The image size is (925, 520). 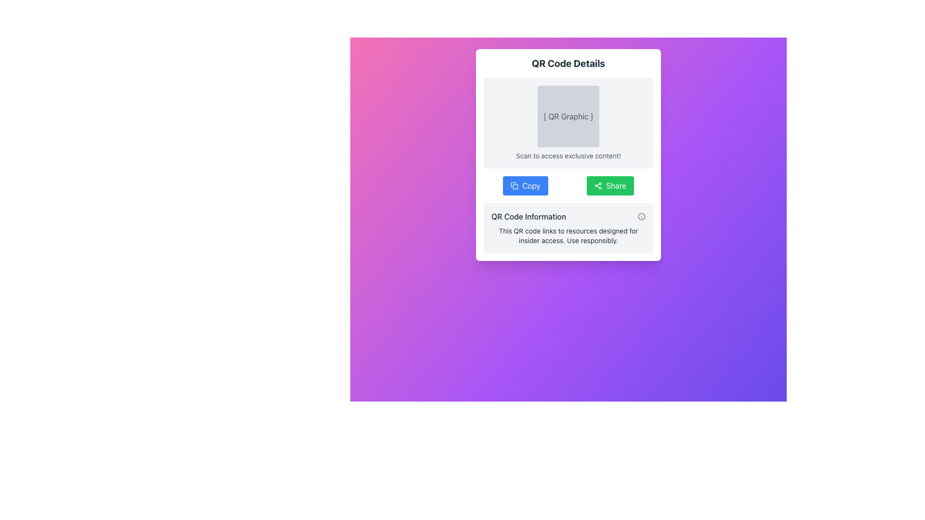 I want to click on descriptive text label that instructs users to scan the QR code above for exclusive content, located horizontally centered below the QR code graphic, so click(x=568, y=156).